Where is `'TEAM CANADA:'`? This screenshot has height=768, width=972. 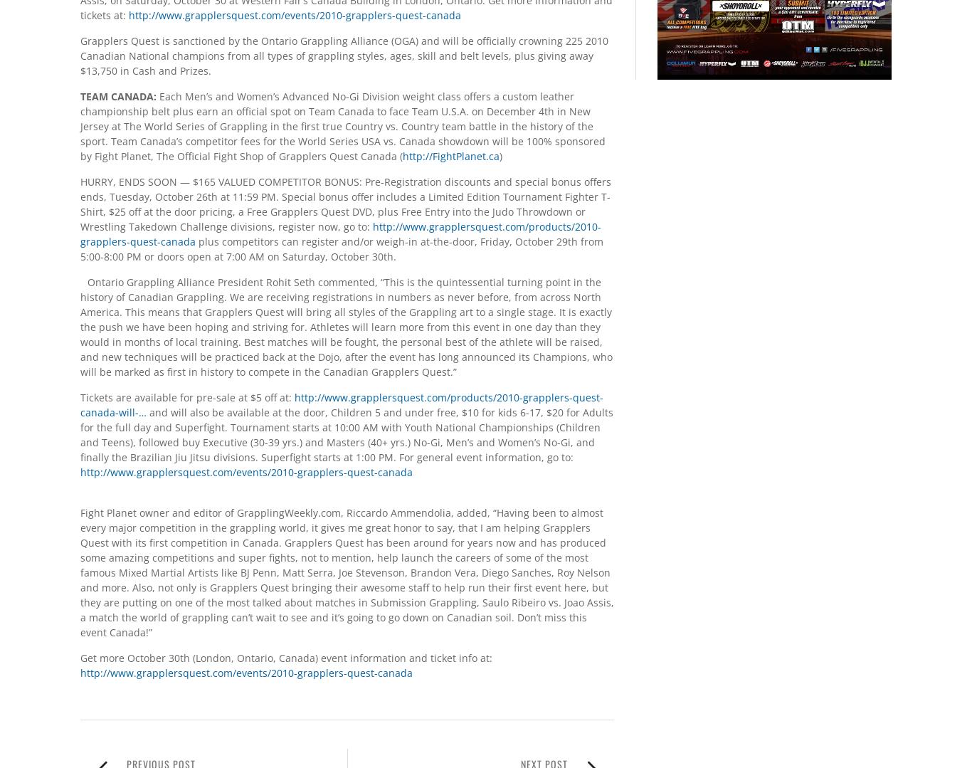
'TEAM CANADA:' is located at coordinates (119, 95).